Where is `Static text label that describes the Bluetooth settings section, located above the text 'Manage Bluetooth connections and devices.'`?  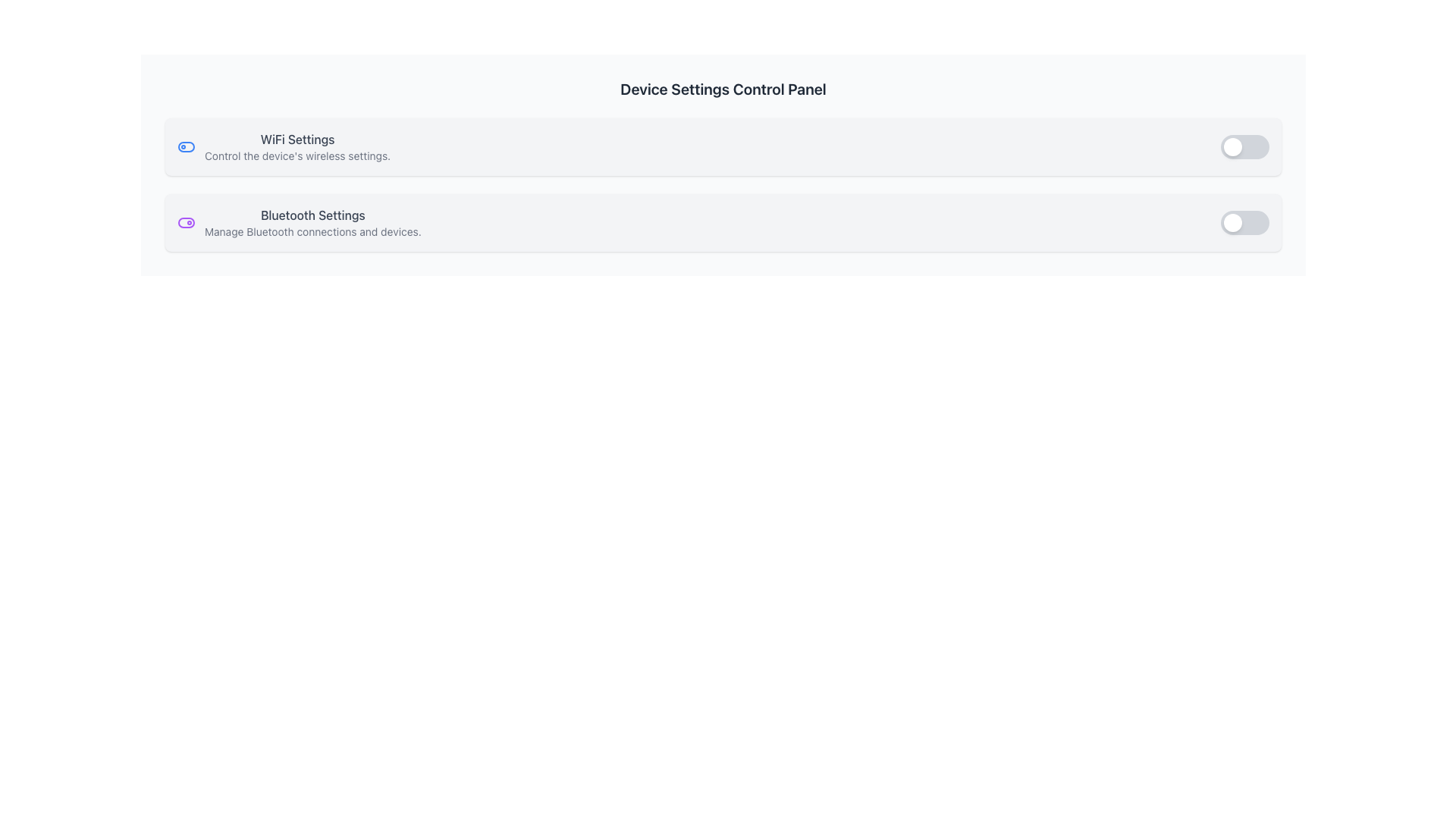 Static text label that describes the Bluetooth settings section, located above the text 'Manage Bluetooth connections and devices.' is located at coordinates (312, 215).